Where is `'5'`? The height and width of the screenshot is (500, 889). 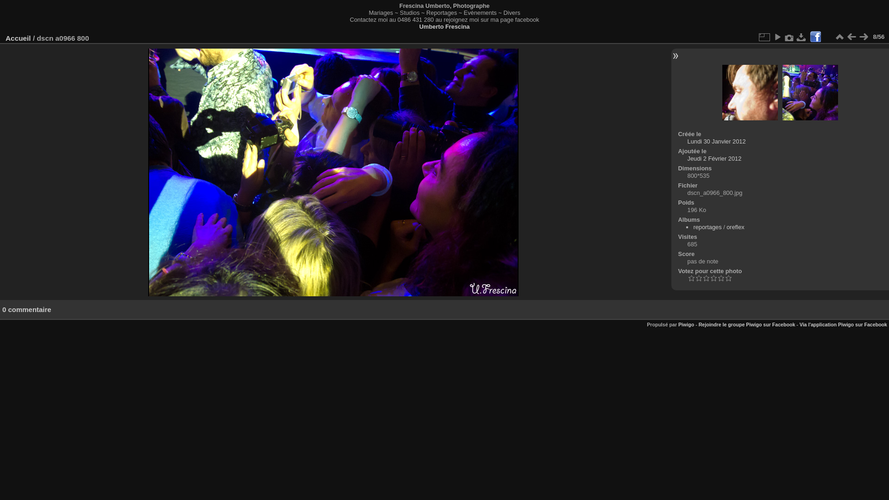
'5' is located at coordinates (724, 278).